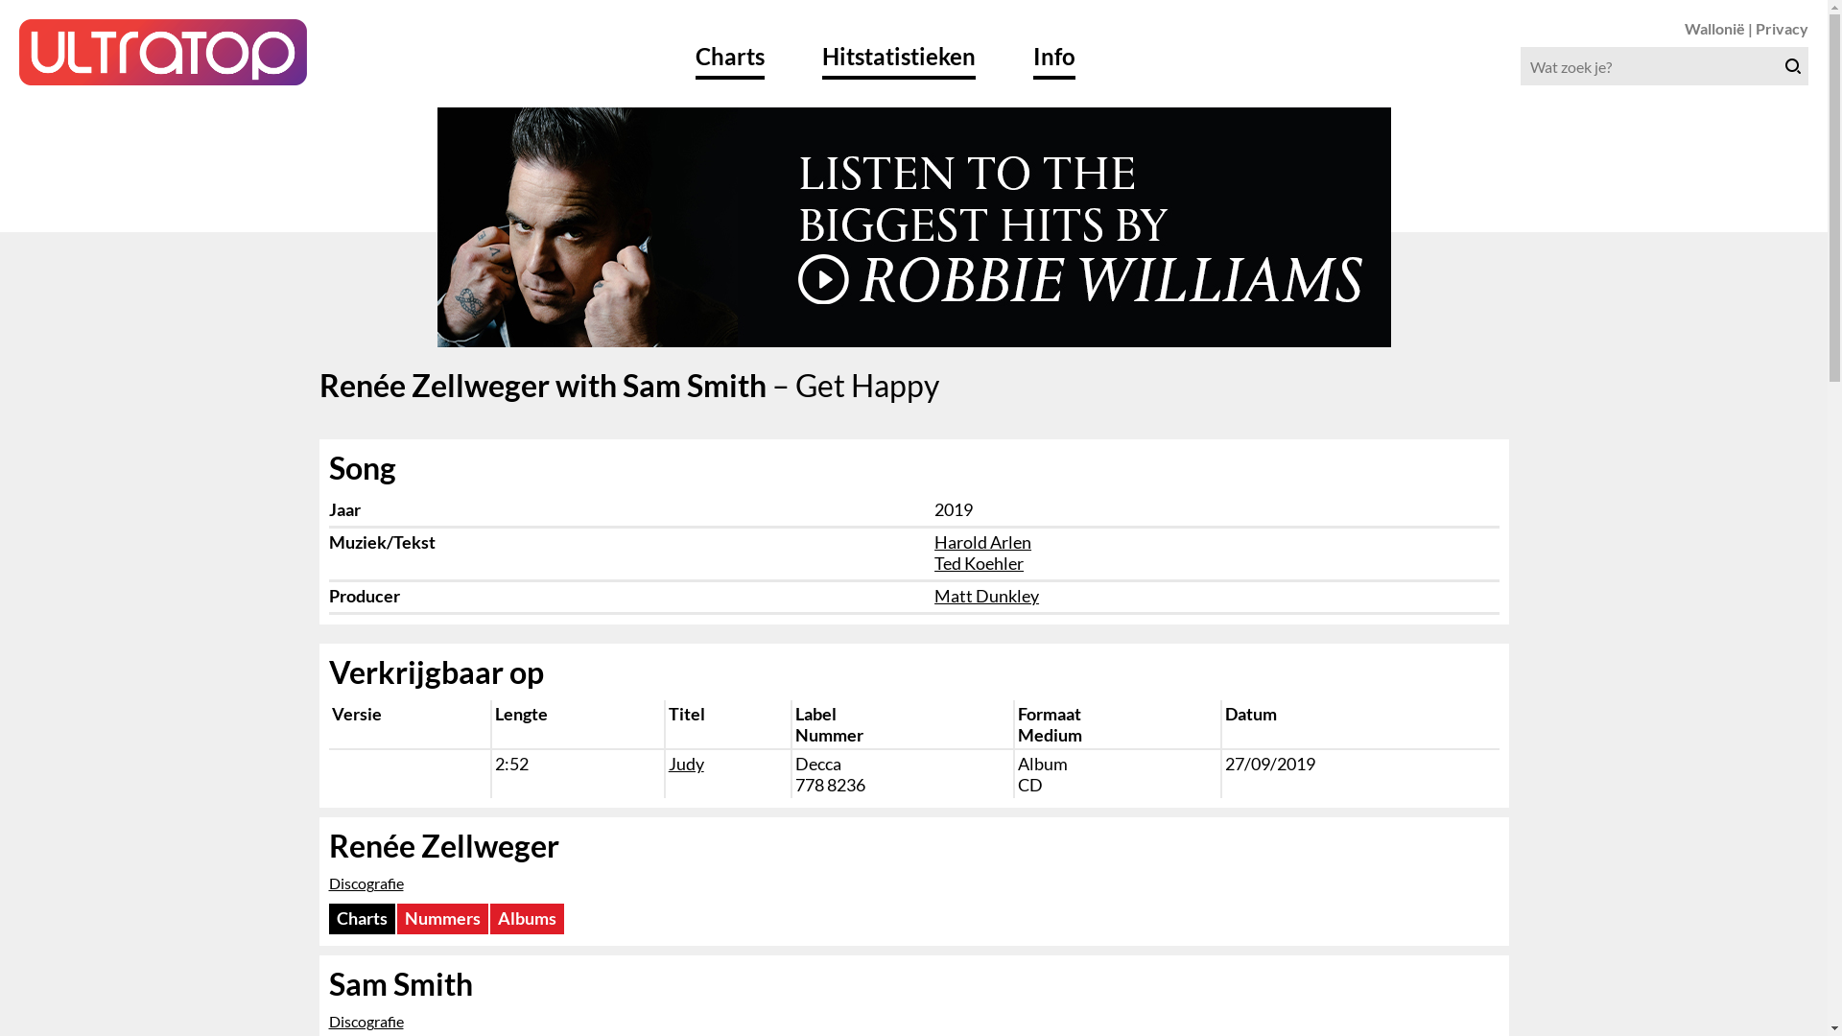  What do you see at coordinates (365, 883) in the screenshot?
I see `'Discografie'` at bounding box center [365, 883].